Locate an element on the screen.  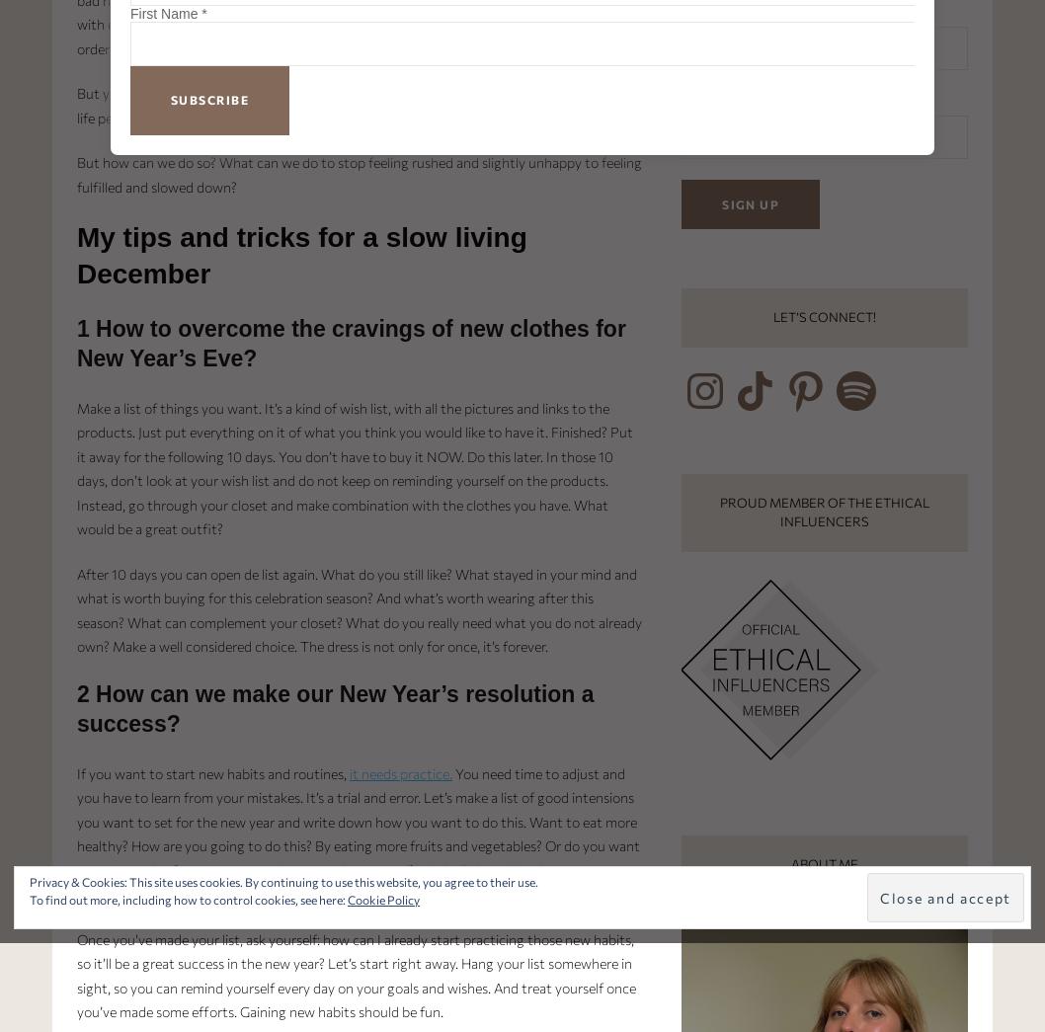
'it needs practice.' is located at coordinates (400, 772).